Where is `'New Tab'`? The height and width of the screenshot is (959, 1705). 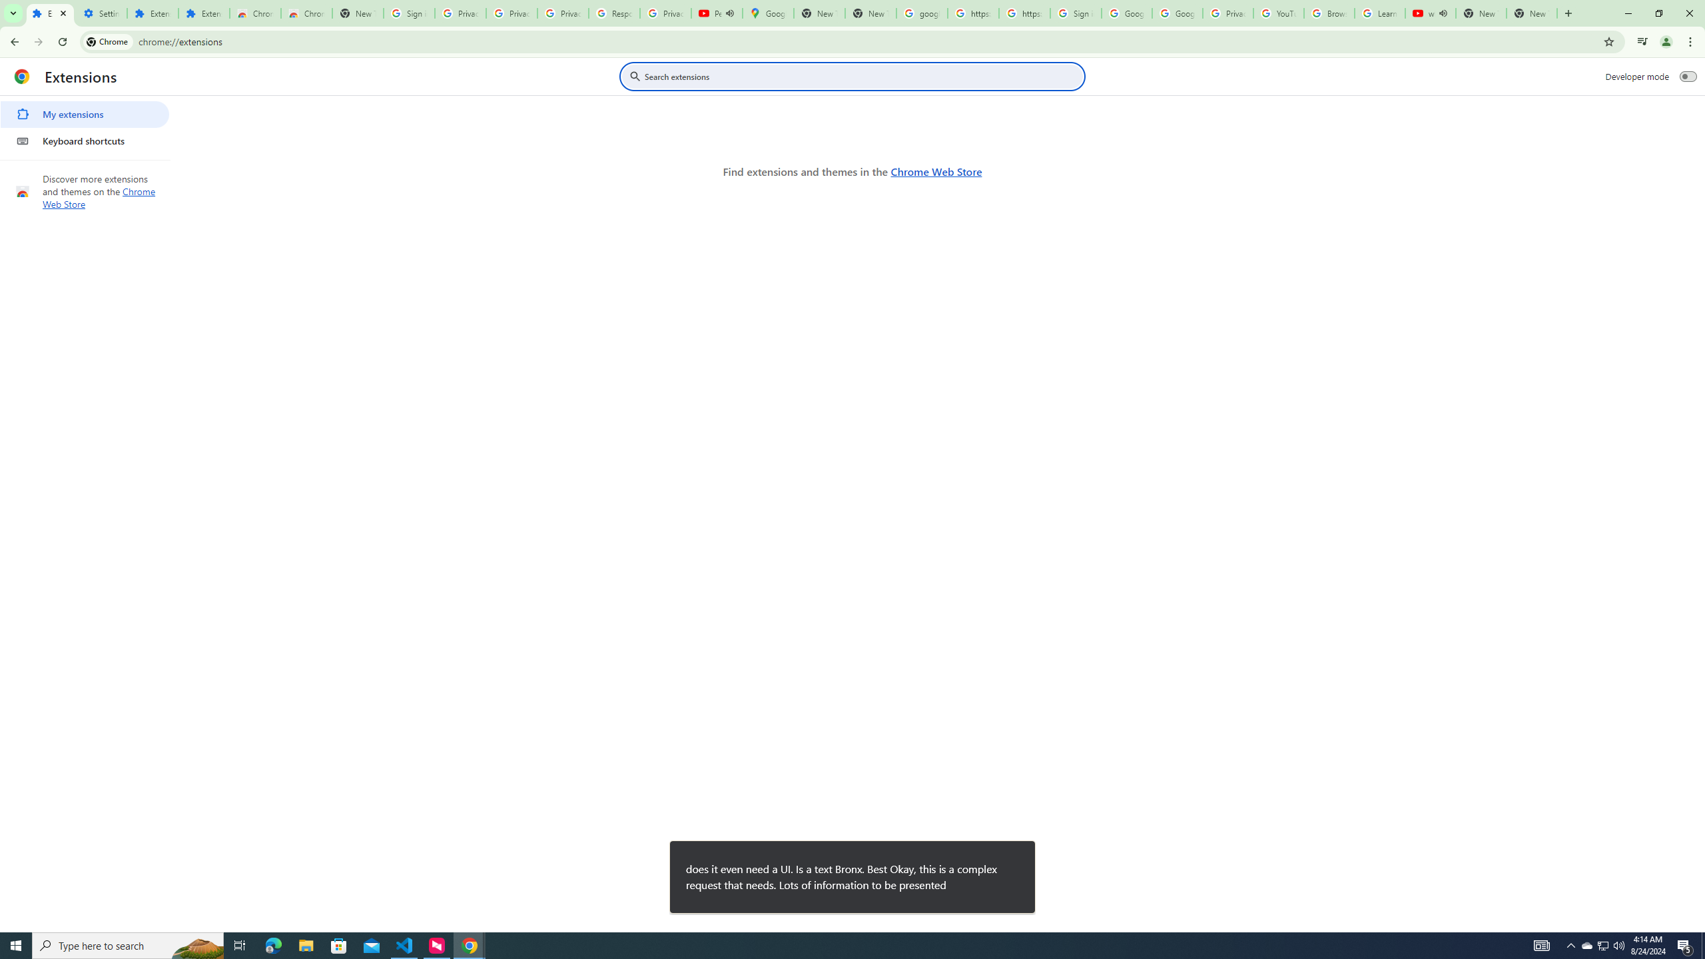
'New Tab' is located at coordinates (1531, 13).